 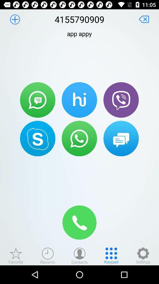 What do you see at coordinates (37, 100) in the screenshot?
I see `the green color chat icon in the first` at bounding box center [37, 100].